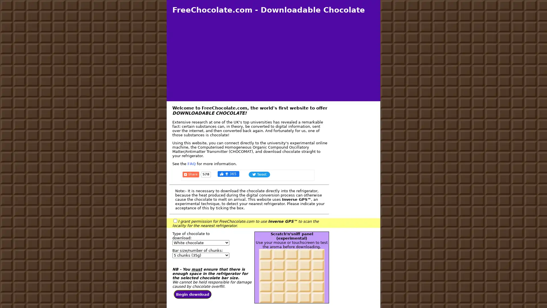 This screenshot has height=308, width=547. Describe the element at coordinates (193, 294) in the screenshot. I see `Begin download` at that location.